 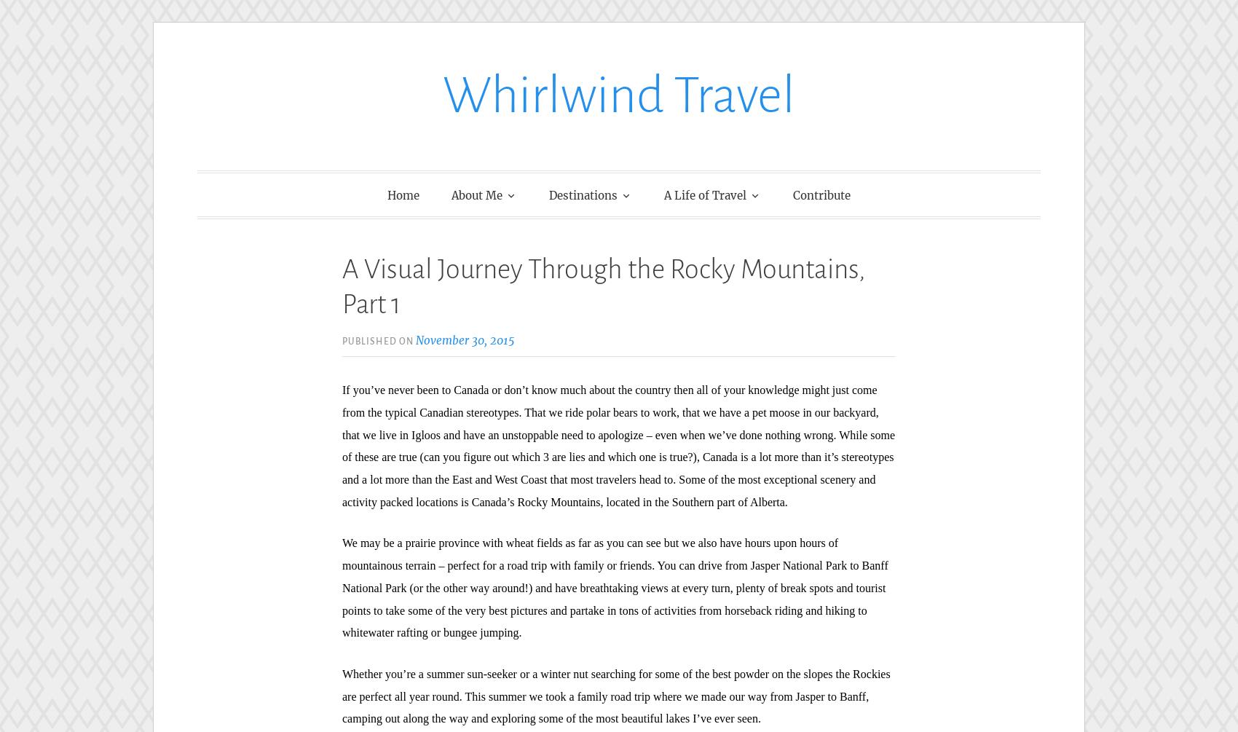 What do you see at coordinates (379, 341) in the screenshot?
I see `'Published on'` at bounding box center [379, 341].